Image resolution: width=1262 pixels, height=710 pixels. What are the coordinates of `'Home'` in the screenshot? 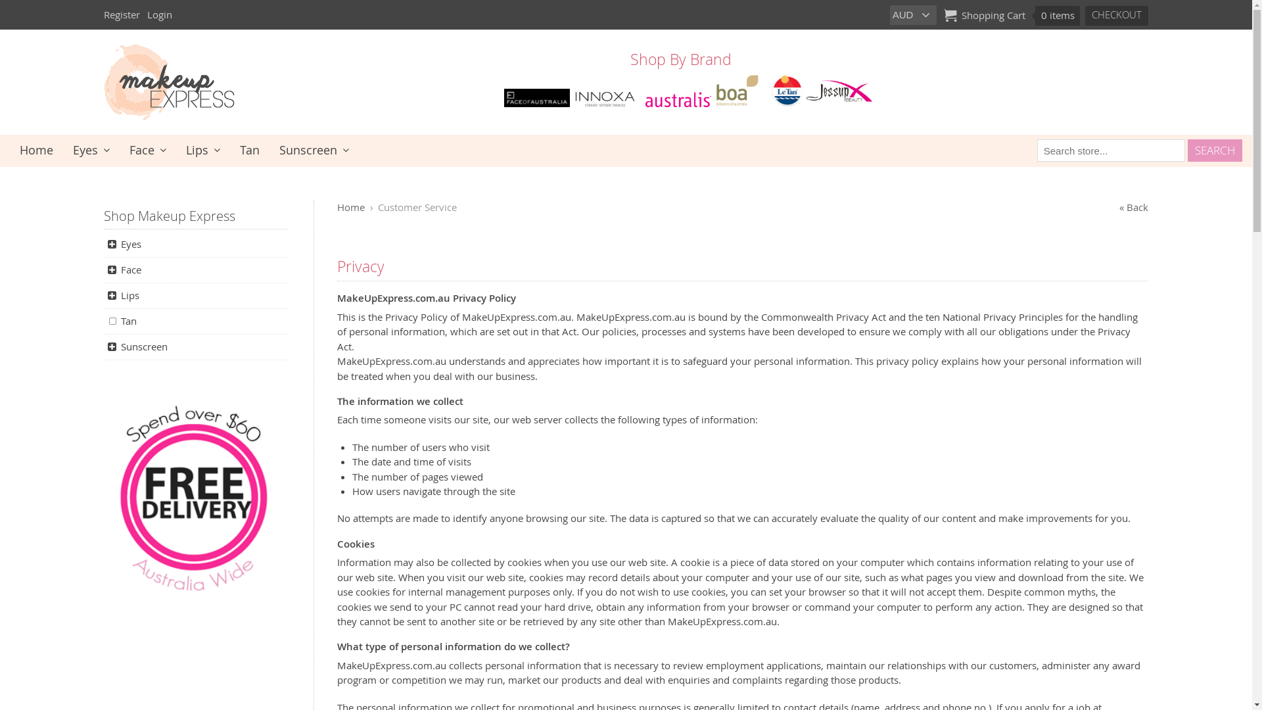 It's located at (337, 206).